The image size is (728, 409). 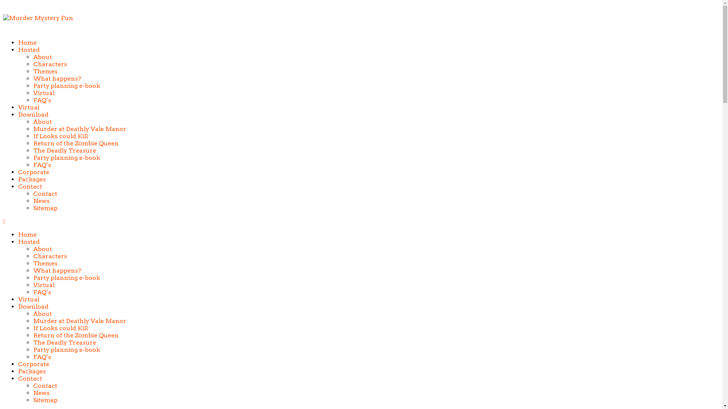 I want to click on 'Murder Mystery Fun', so click(x=38, y=17).